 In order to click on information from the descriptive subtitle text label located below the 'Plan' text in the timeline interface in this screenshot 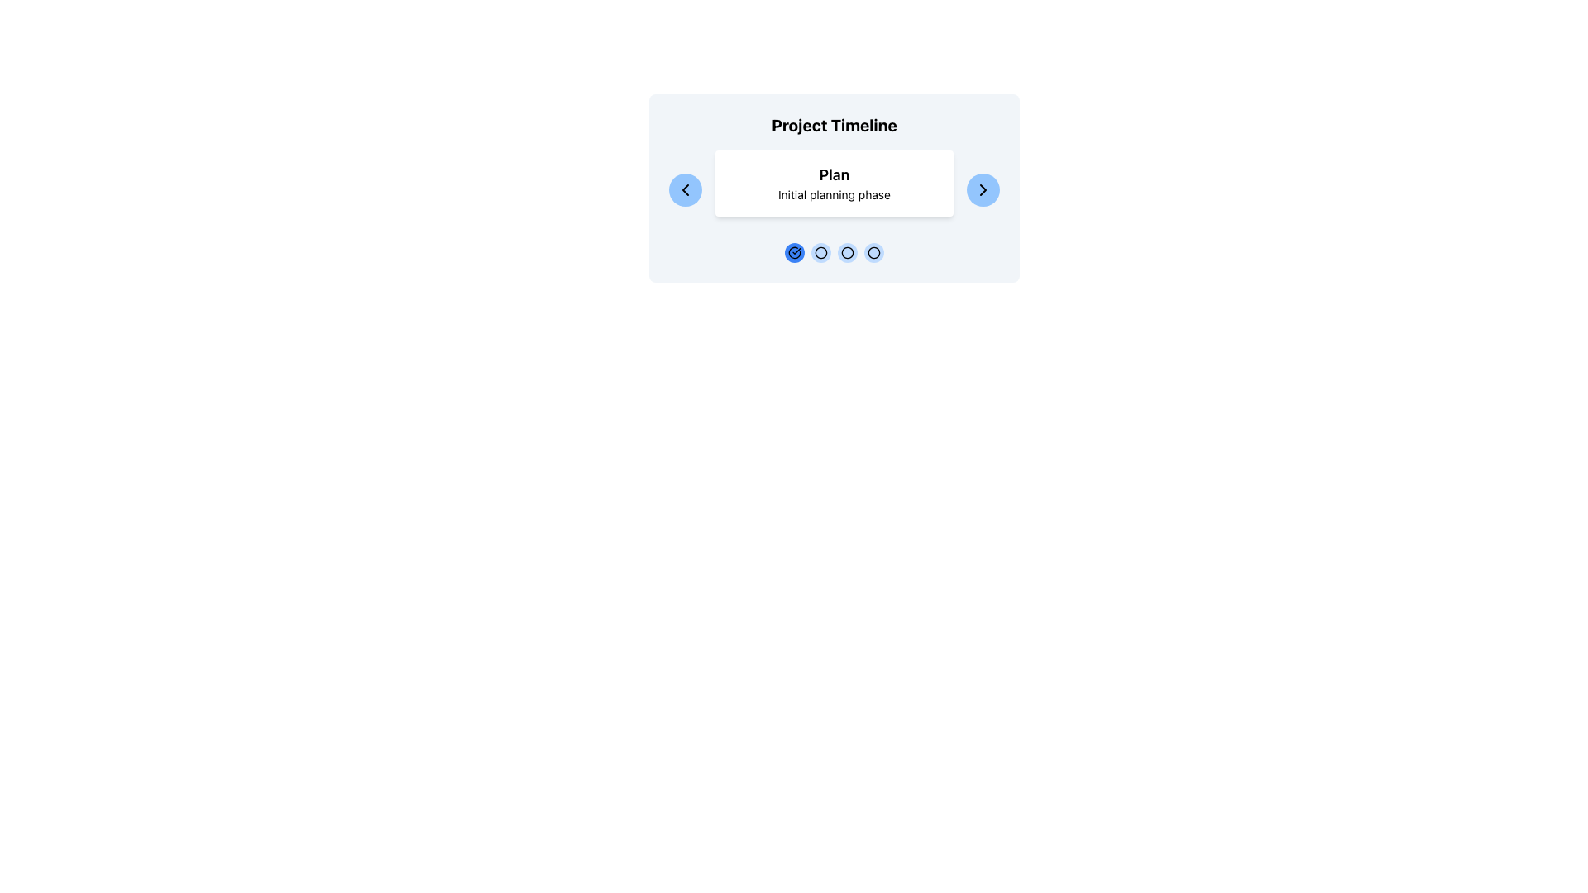, I will do `click(834, 193)`.